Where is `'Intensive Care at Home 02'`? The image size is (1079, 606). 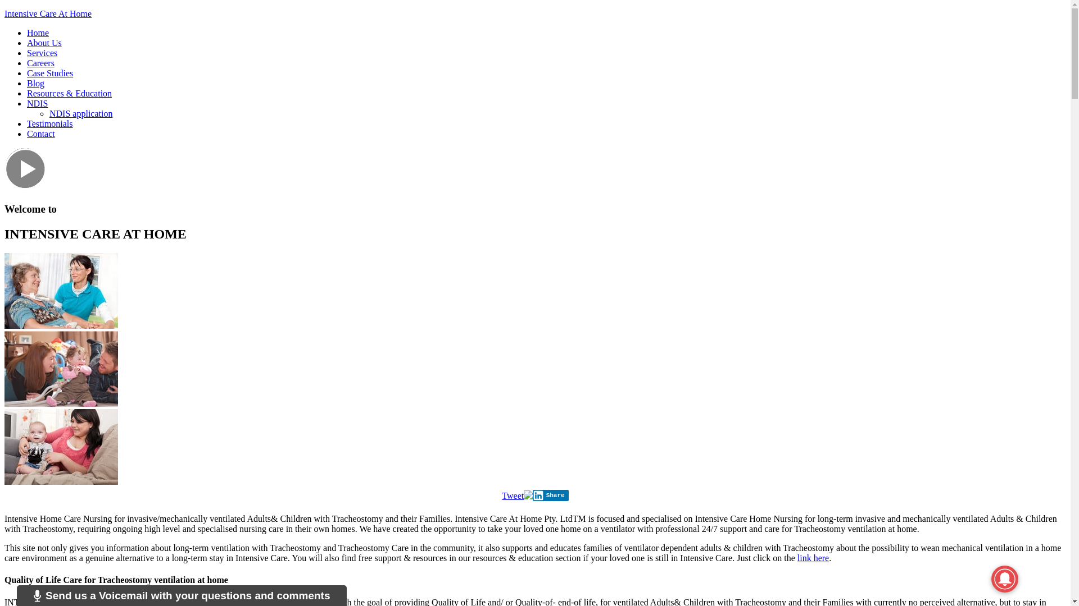 'Intensive Care at Home 02' is located at coordinates (61, 369).